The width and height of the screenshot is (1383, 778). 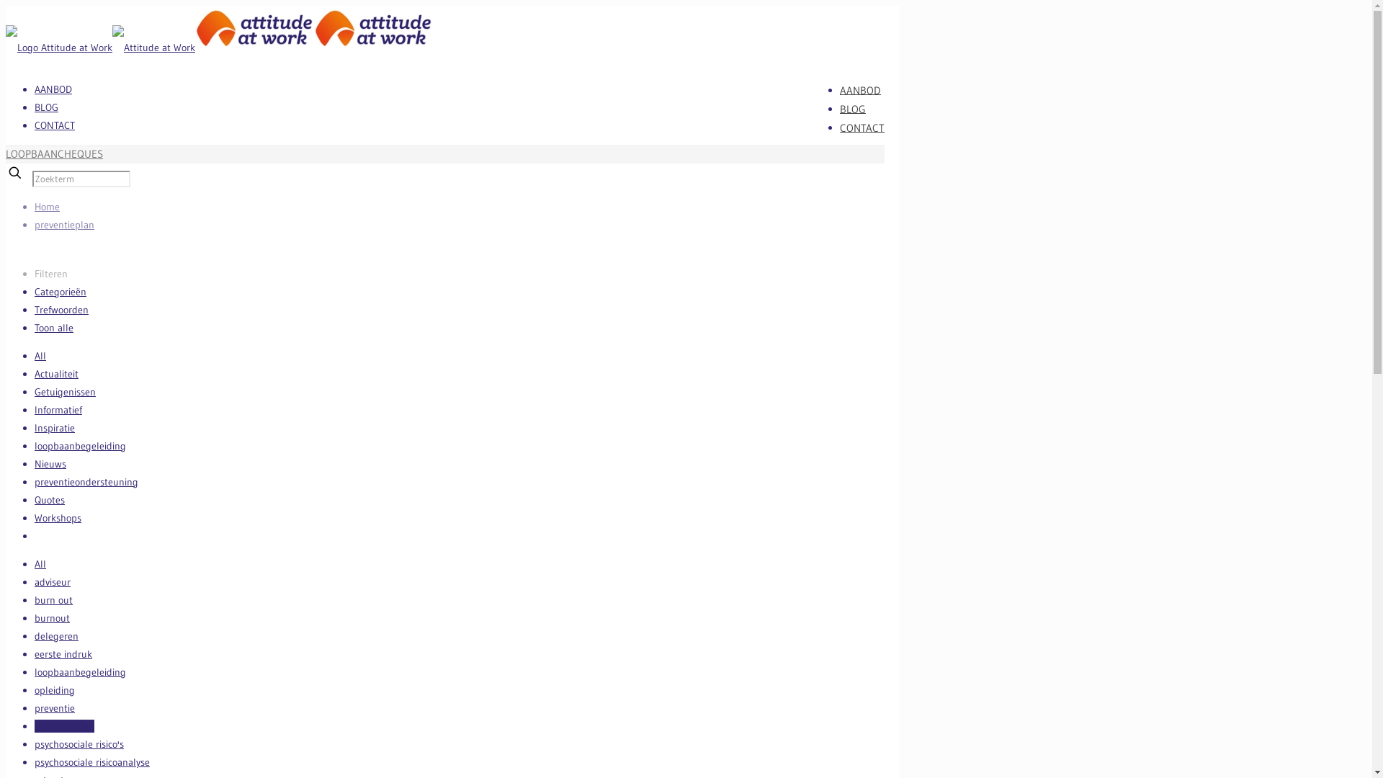 What do you see at coordinates (55, 427) in the screenshot?
I see `'Inspiratie'` at bounding box center [55, 427].